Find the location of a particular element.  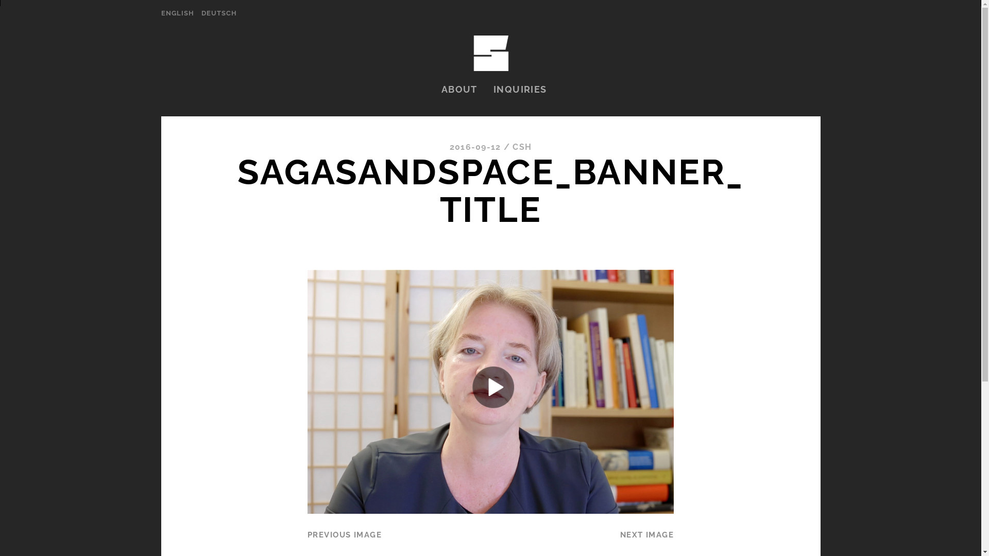

'ENGLISH' is located at coordinates (177, 13).